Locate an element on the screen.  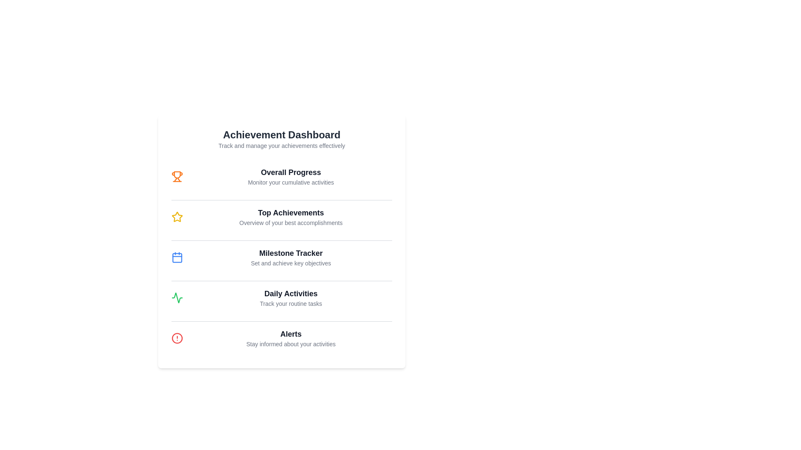
text from the 'Achievement Dashboard' header and subtext element, which displays 'Achievement Dashboard' in bold and larger font, with the subtext 'Track and manage your achievements effectively' below it is located at coordinates (282, 139).